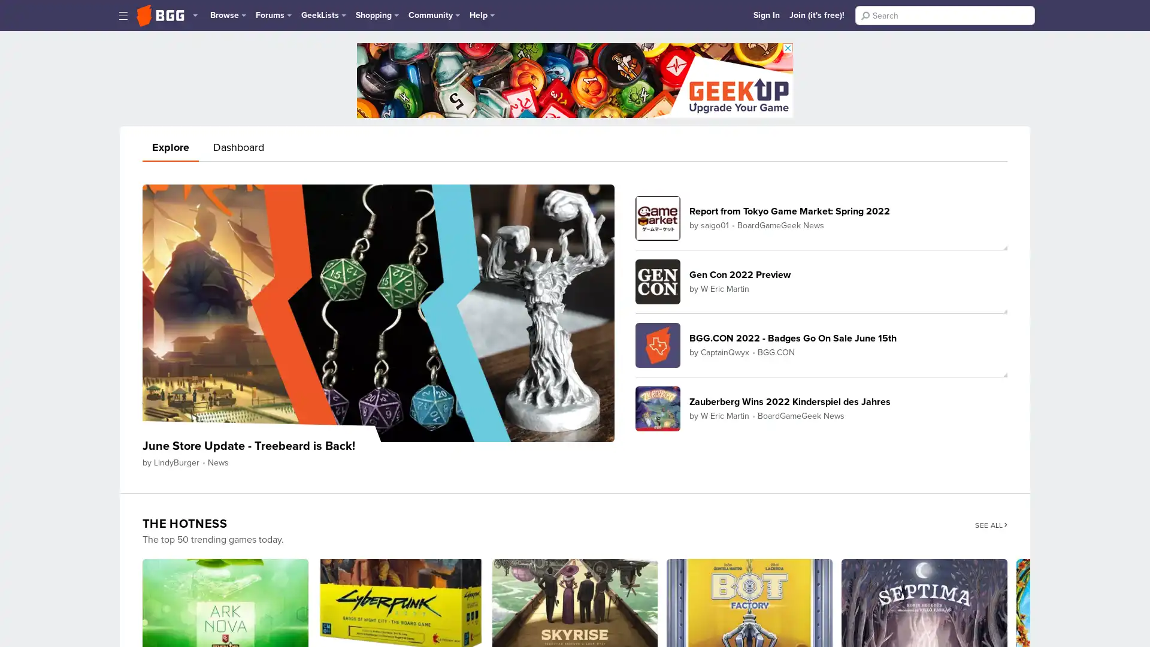 The height and width of the screenshot is (647, 1150). Describe the element at coordinates (120, 4) in the screenshot. I see `Skip Navigation` at that location.